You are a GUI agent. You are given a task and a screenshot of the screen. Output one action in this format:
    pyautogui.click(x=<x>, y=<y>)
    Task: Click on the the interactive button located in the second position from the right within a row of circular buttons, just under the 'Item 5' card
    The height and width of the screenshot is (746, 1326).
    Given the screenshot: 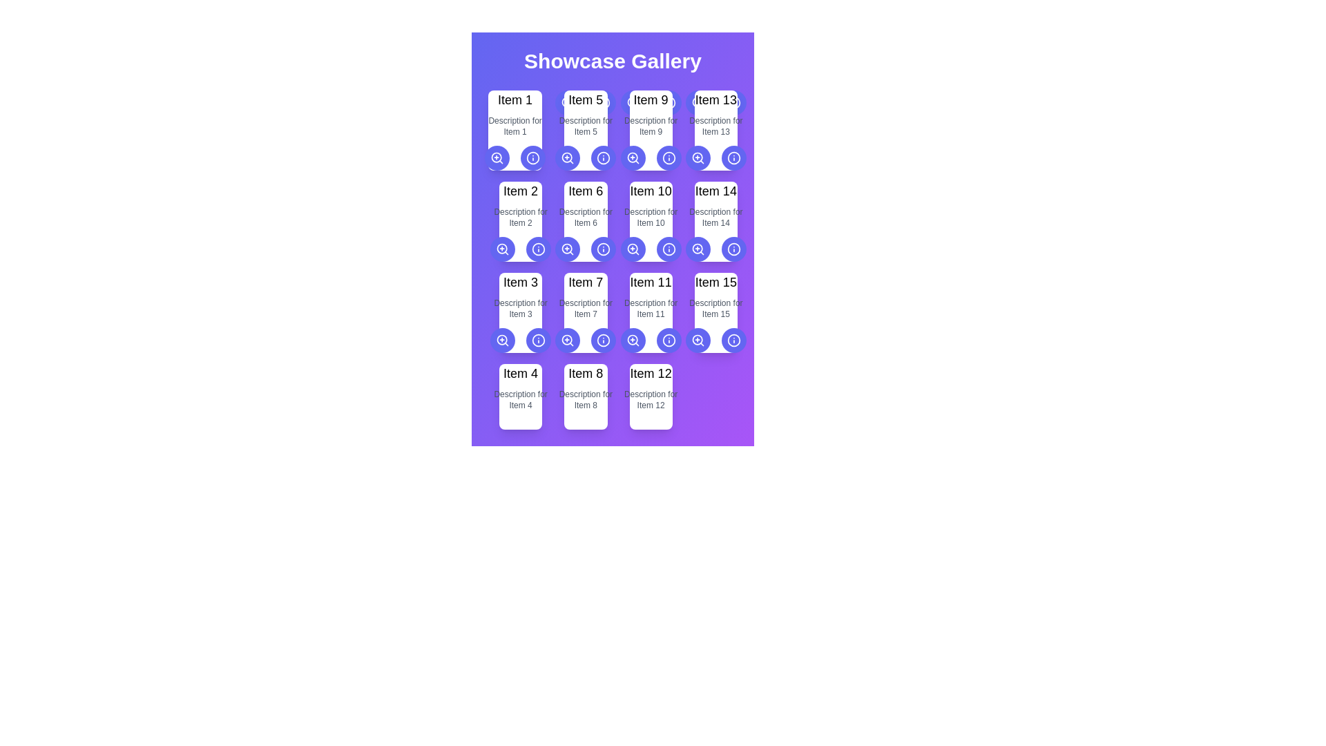 What is the action you would take?
    pyautogui.click(x=532, y=157)
    